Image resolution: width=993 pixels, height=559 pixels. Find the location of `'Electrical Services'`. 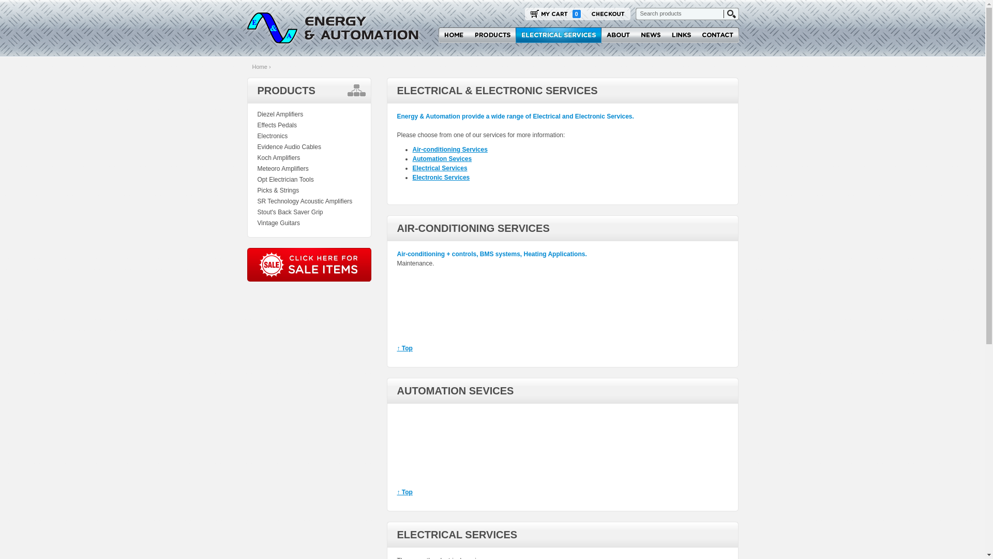

'Electrical Services' is located at coordinates (440, 167).